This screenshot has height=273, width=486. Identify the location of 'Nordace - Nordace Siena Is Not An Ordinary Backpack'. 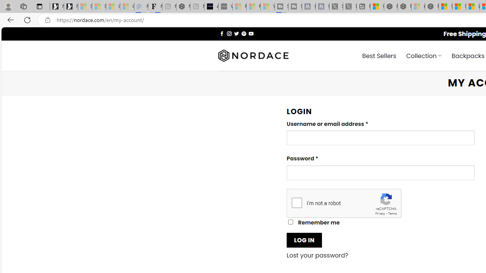
(432, 6).